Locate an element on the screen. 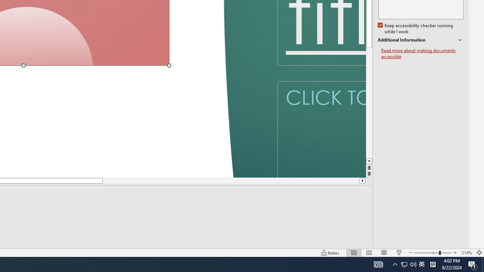  'Zoom Out' is located at coordinates (426, 253).